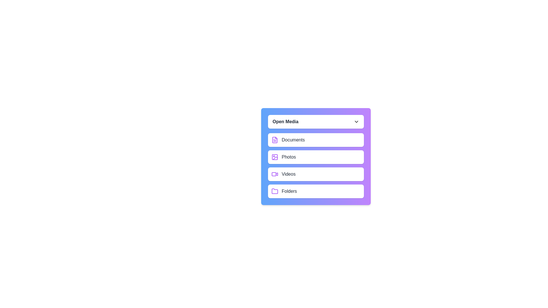 The height and width of the screenshot is (308, 548). What do you see at coordinates (274, 174) in the screenshot?
I see `the background rectangle of the 'Videos' button in the 'Open Media' menu` at bounding box center [274, 174].